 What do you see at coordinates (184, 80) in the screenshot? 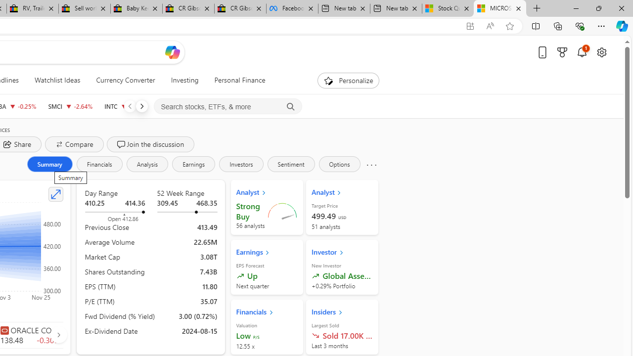
I see `'Investing'` at bounding box center [184, 80].